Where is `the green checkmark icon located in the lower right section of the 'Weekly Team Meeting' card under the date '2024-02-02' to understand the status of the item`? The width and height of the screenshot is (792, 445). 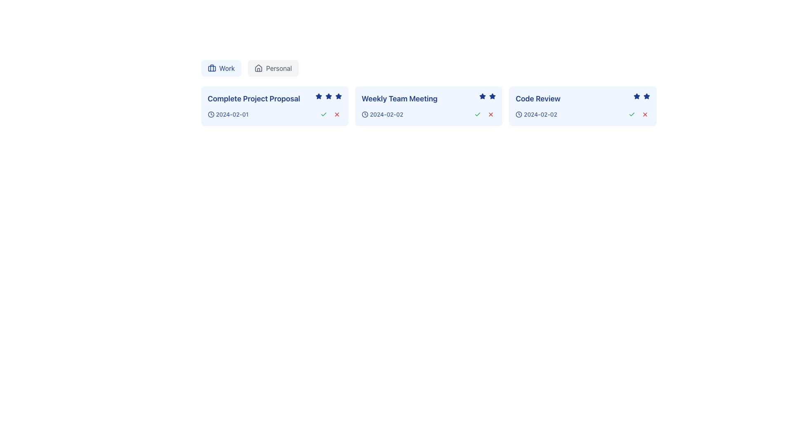 the green checkmark icon located in the lower right section of the 'Weekly Team Meeting' card under the date '2024-02-02' to understand the status of the item is located at coordinates (478, 114).